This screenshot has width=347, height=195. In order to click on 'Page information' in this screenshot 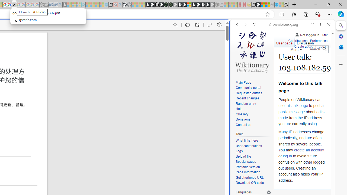, I will do `click(253, 173)`.